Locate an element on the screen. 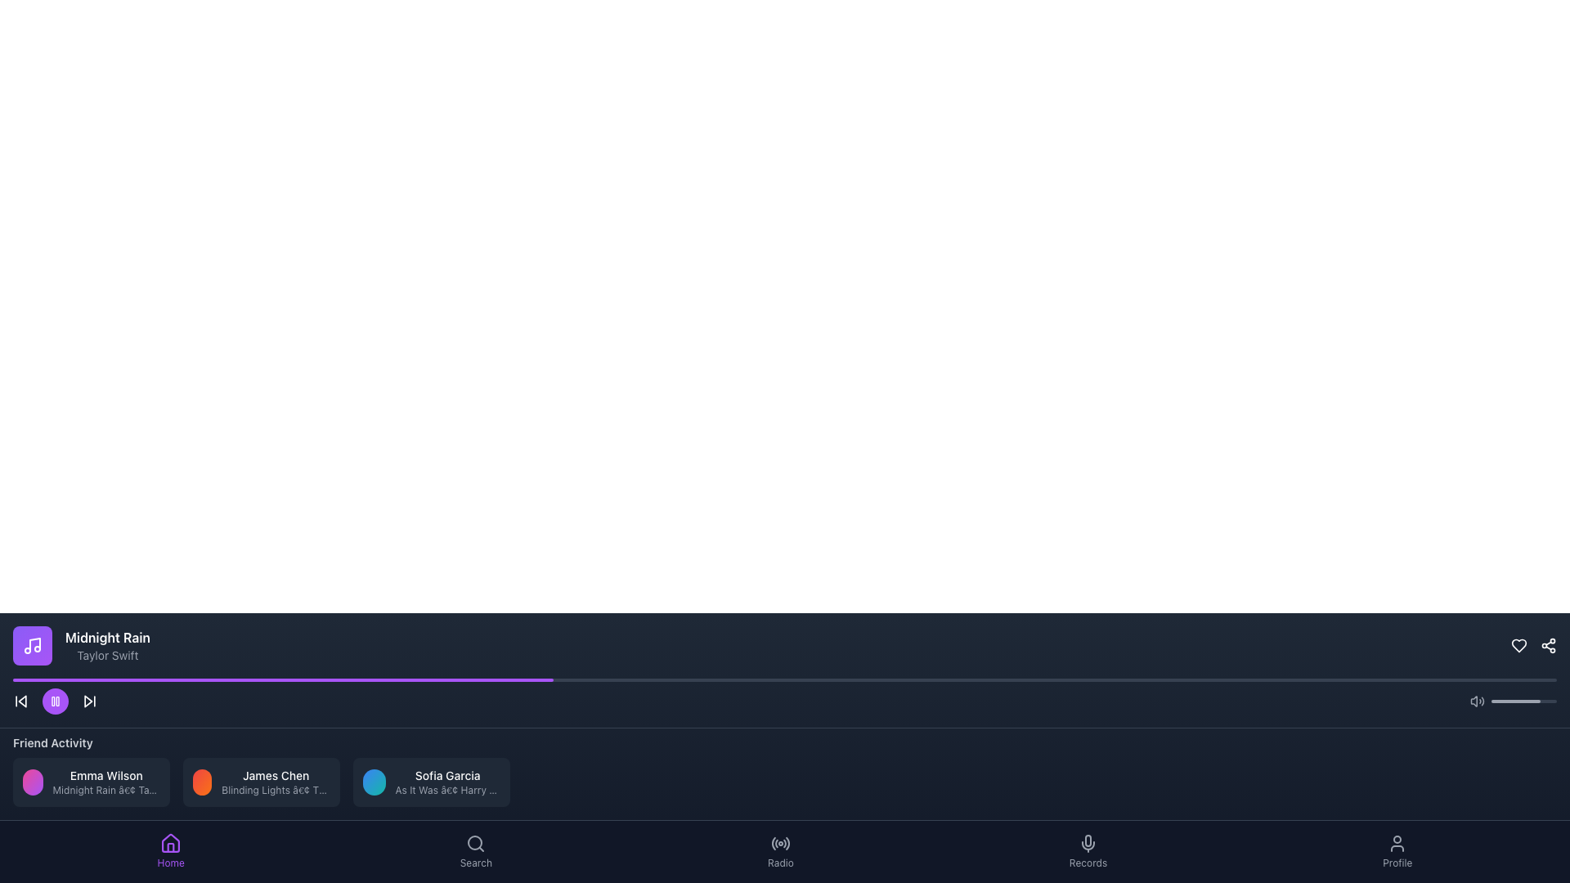  the 'Profile' label, which is styled with a dark gray to purple color transition when hovered, located at the bottom-right corner of the interface below the user icon is located at coordinates (1397, 863).